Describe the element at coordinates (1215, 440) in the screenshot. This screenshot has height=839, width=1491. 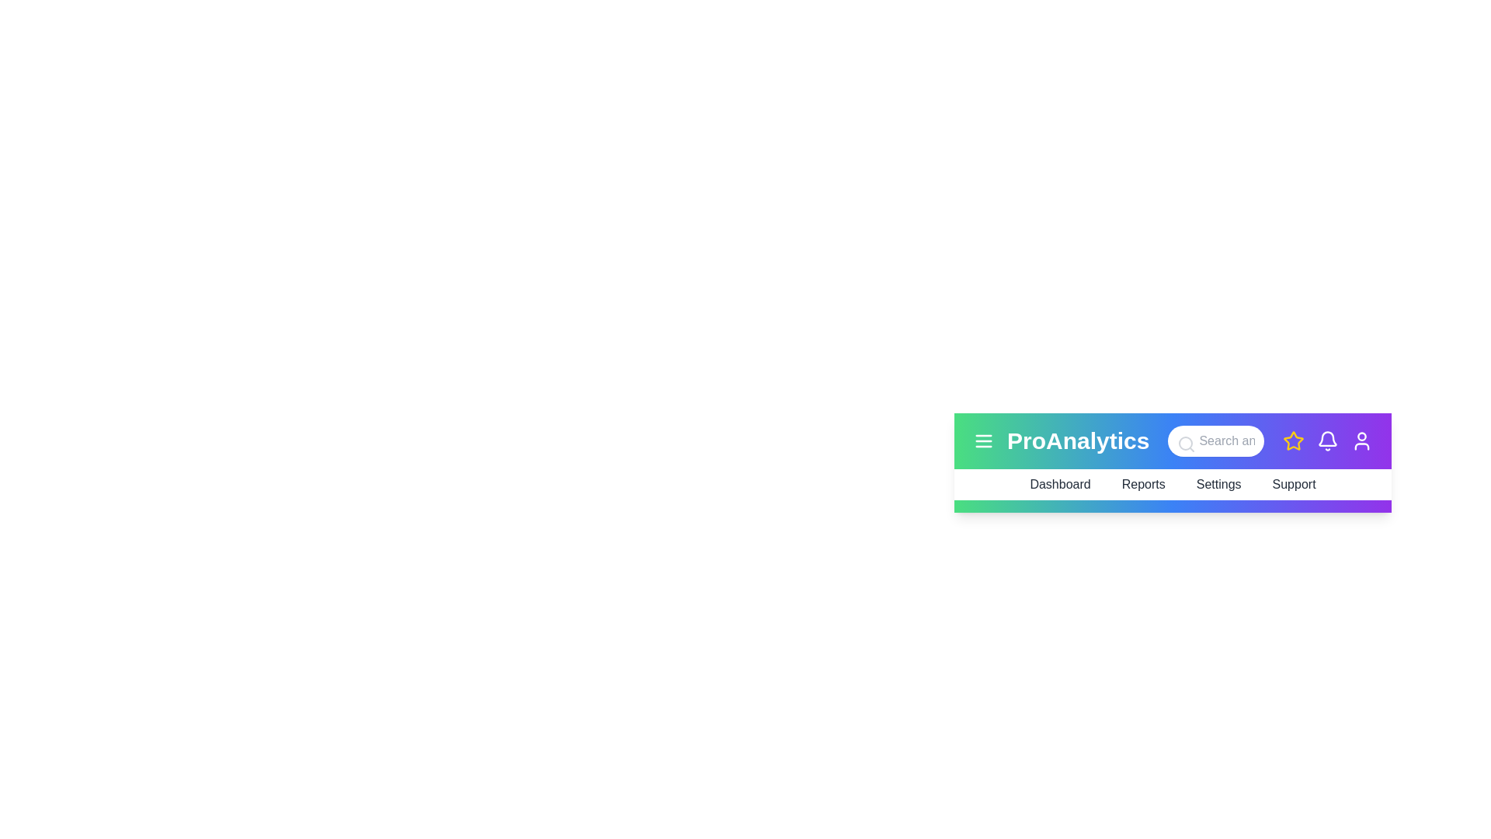
I see `the search bar and type the text 'analytics'` at that location.